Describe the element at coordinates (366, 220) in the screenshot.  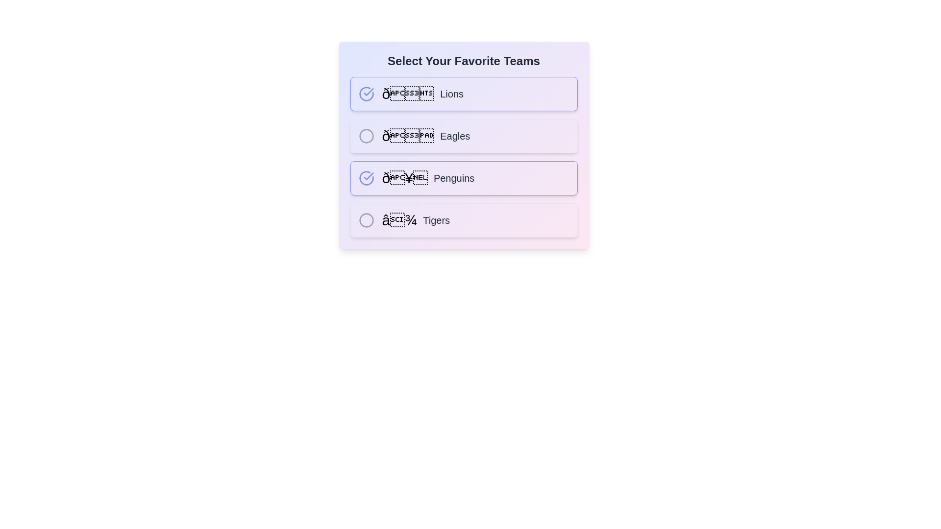
I see `the team Tigers` at that location.